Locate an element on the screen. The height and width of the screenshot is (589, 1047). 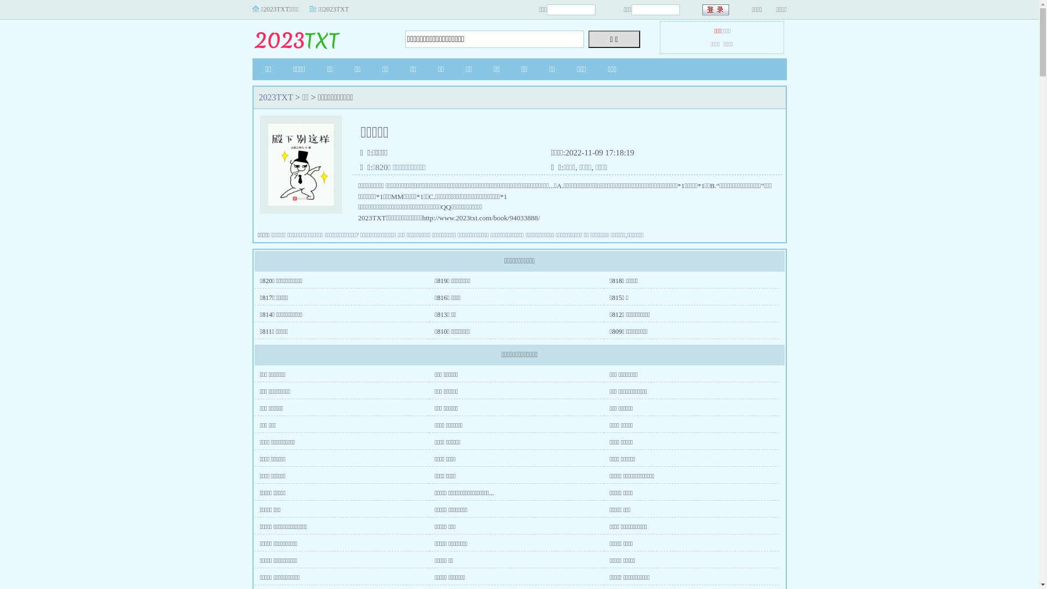
'2023TXT' is located at coordinates (275, 97).